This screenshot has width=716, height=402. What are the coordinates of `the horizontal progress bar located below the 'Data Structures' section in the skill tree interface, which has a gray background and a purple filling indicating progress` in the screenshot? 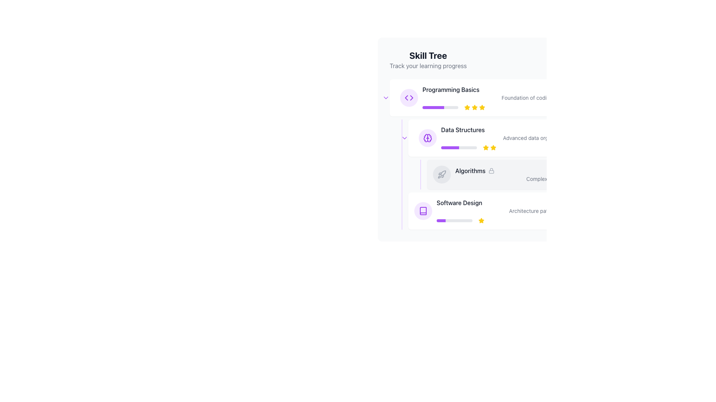 It's located at (458, 148).